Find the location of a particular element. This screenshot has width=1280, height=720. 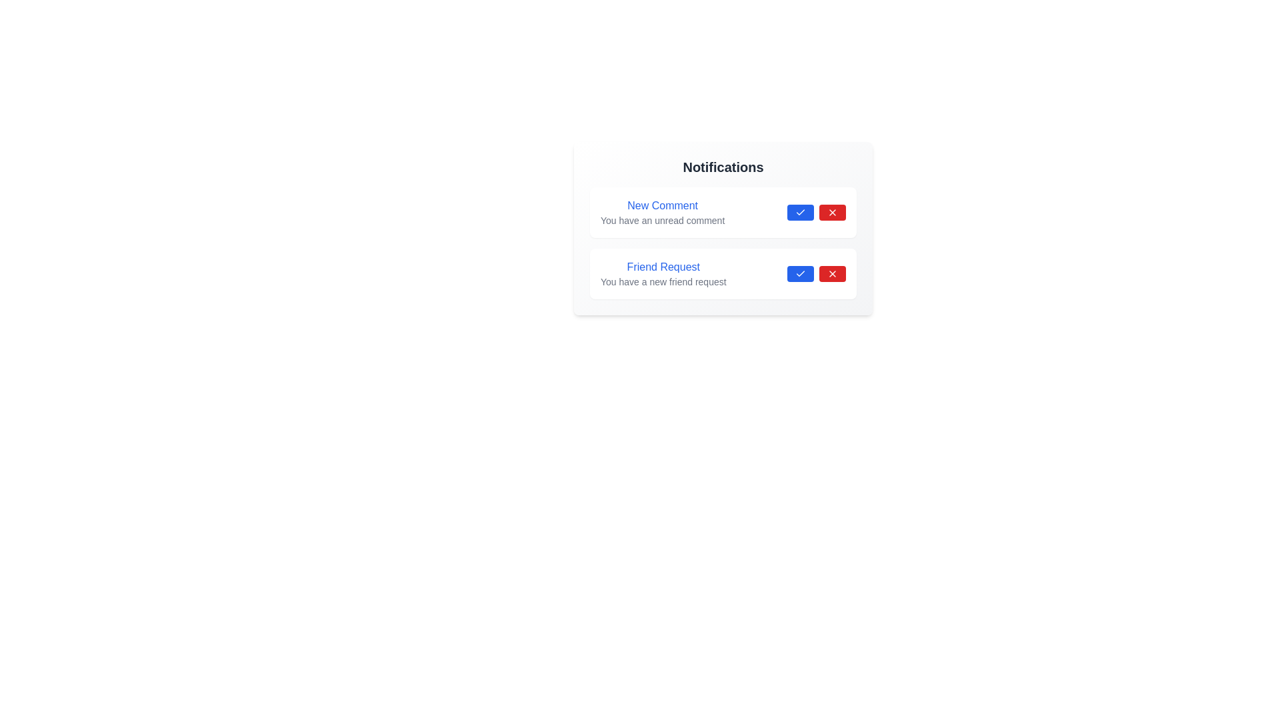

notification message about an unread comment displayed as the first item in the vertical list of notifications is located at coordinates (663, 212).